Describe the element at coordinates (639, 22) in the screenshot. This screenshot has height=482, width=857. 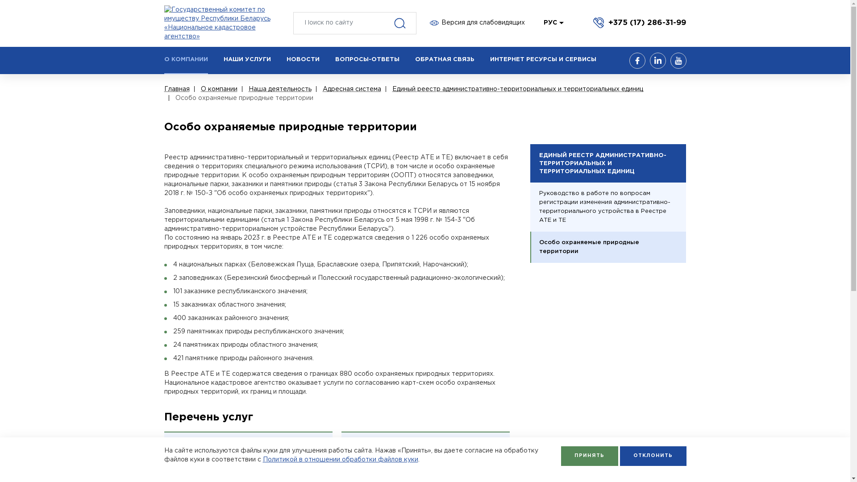
I see `'+375 (17) 286-31-99'` at that location.